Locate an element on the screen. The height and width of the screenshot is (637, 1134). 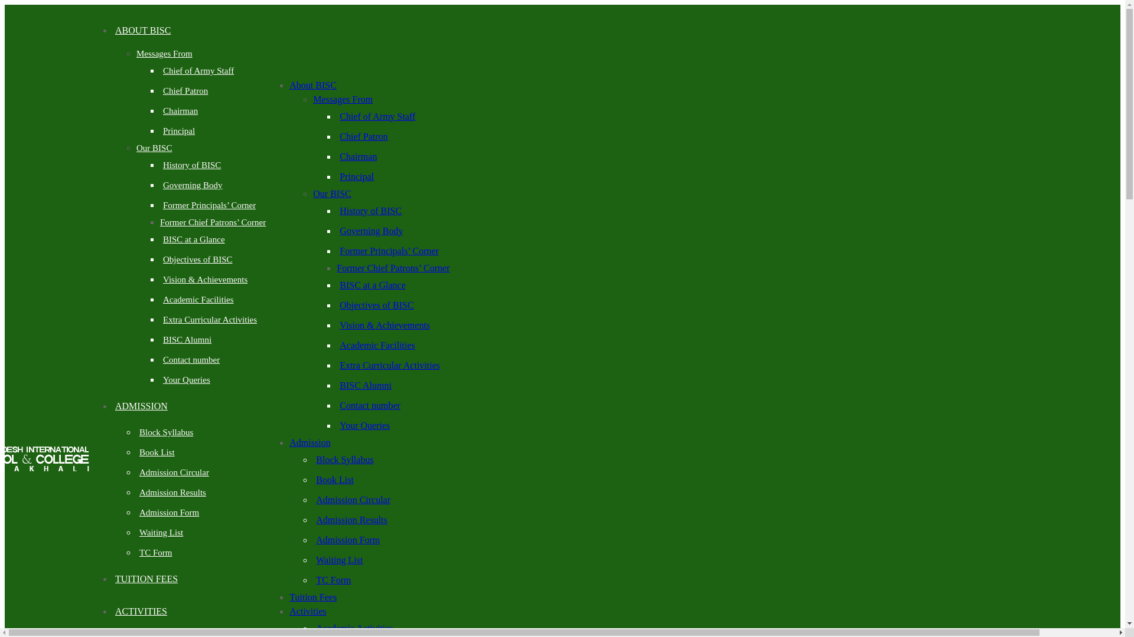
'Chief of Army Staff' is located at coordinates (162, 70).